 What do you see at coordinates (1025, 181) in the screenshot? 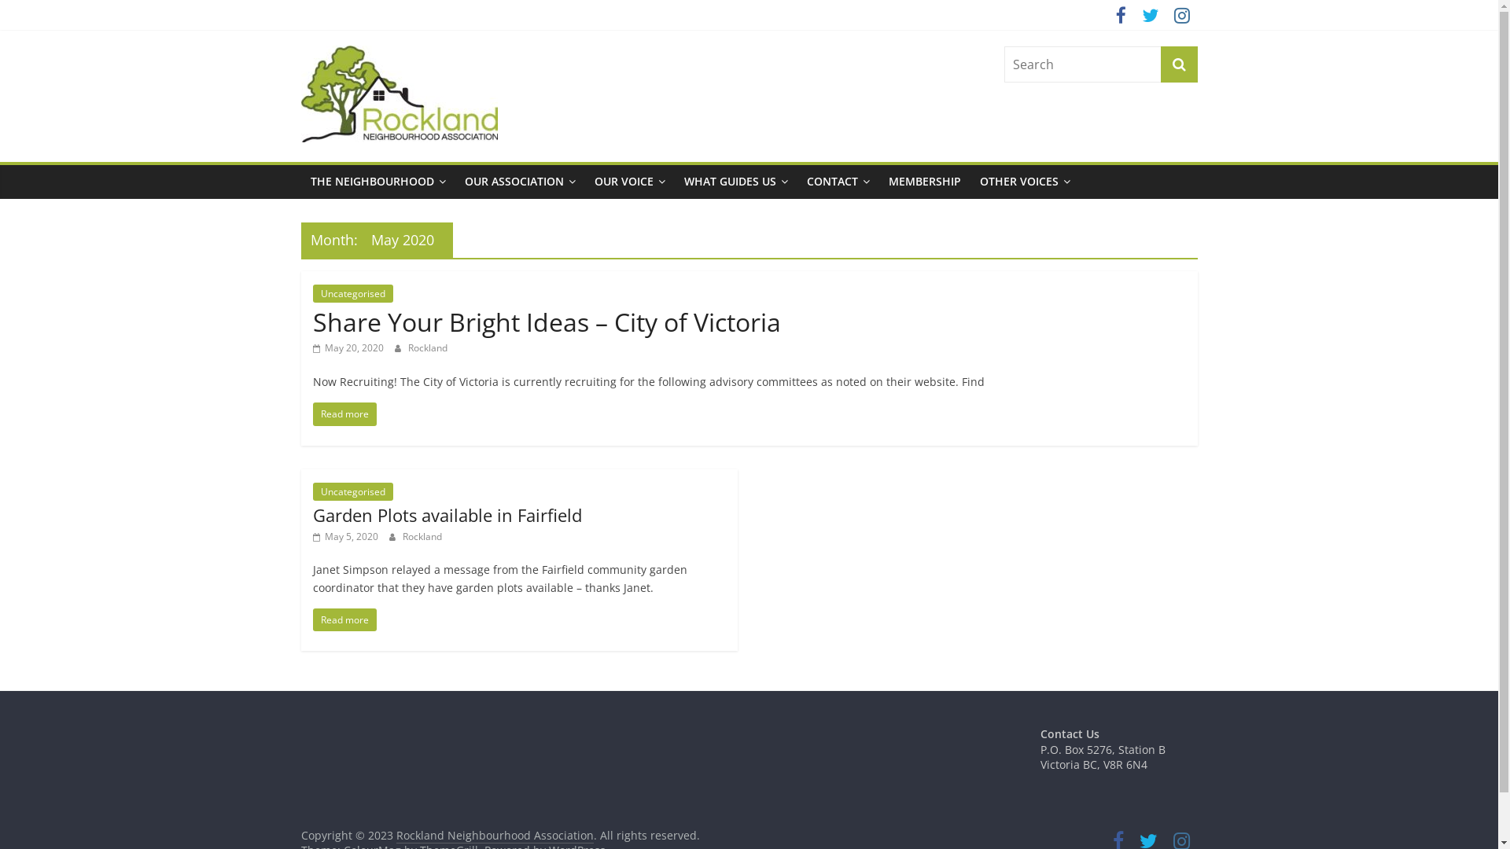
I see `'OTHER VOICES'` at bounding box center [1025, 181].